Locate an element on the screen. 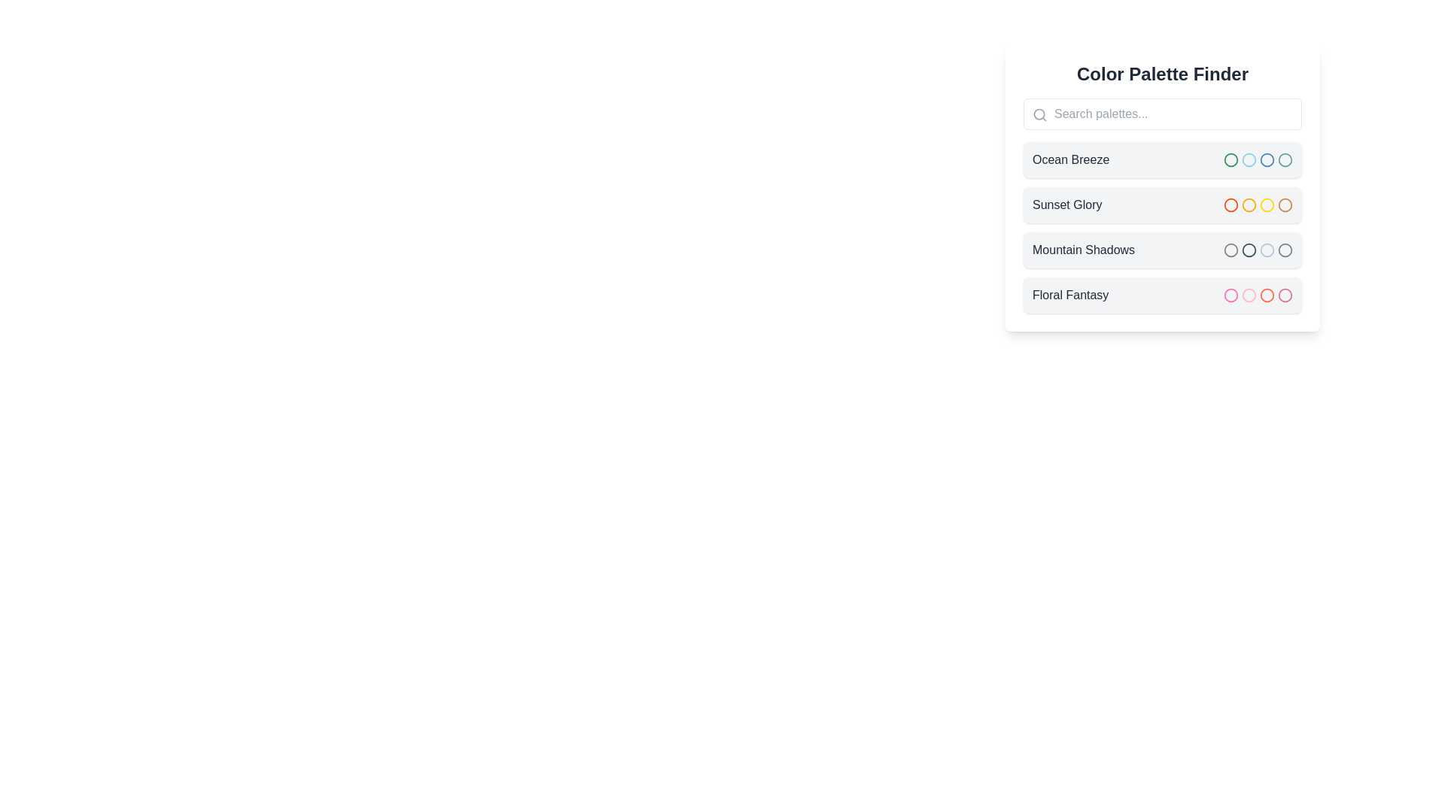 The image size is (1445, 812). the third dark teal circle in the 'Mountain Shadows' row of the color palette list is located at coordinates (1249, 249).